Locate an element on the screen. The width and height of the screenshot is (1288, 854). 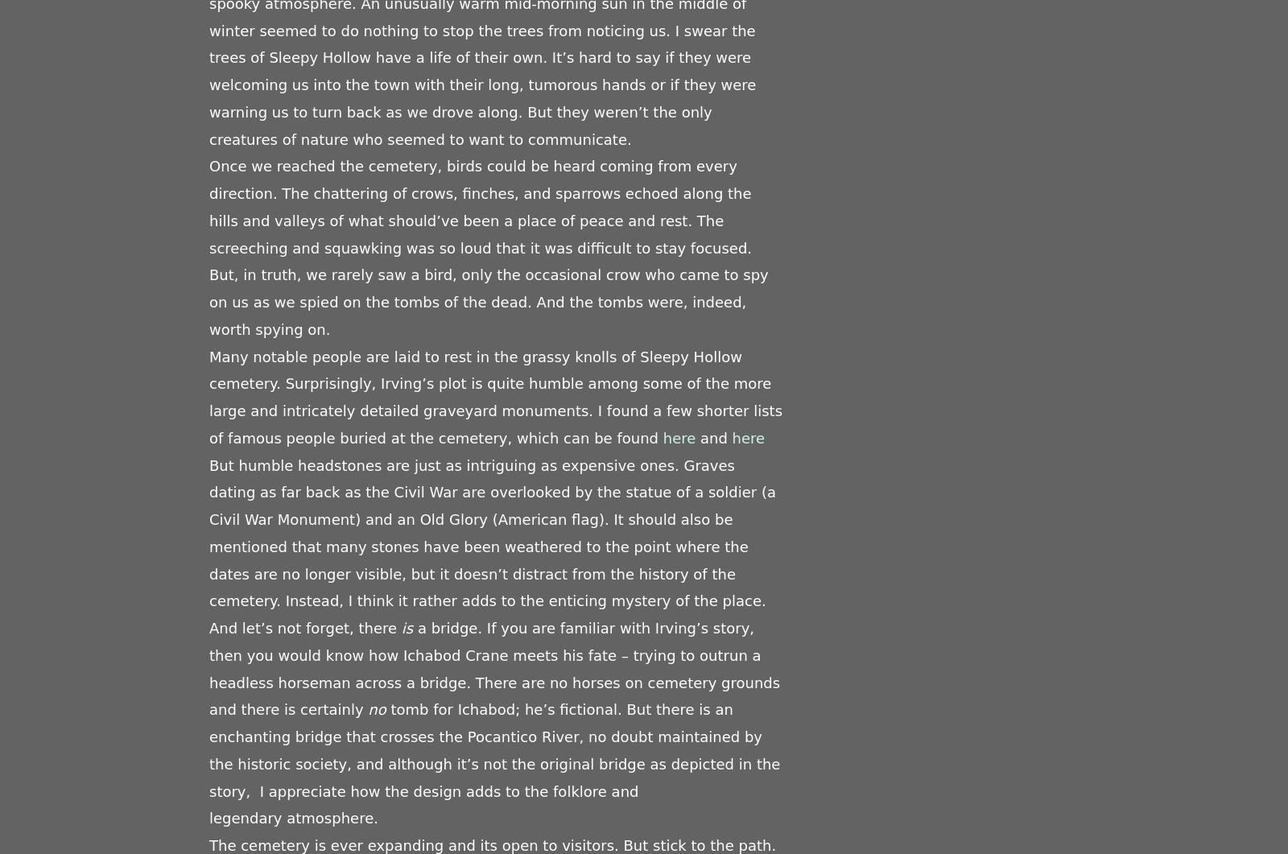
'tomb for Ichabod; he’s fictional. But there is an enchanting bridge that crosses the Pocantico River, no doubt maintained by the historic society, and although it’s not the original bridge as depicted in the story,  I appreciate how the design adds to the folklore and legendary atmosphere.' is located at coordinates (494, 762).